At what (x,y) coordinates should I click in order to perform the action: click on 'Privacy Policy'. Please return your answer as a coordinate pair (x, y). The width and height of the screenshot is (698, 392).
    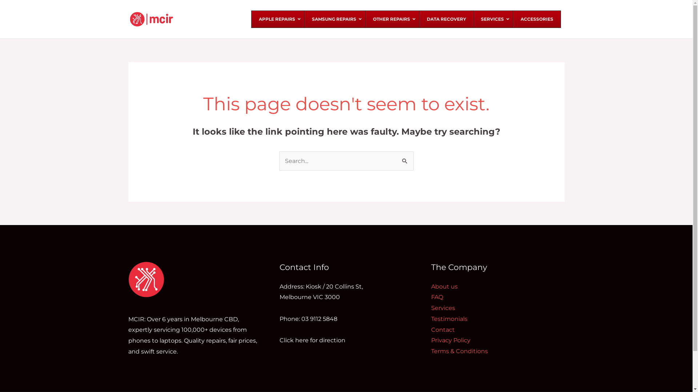
    Looking at the image, I should click on (431, 340).